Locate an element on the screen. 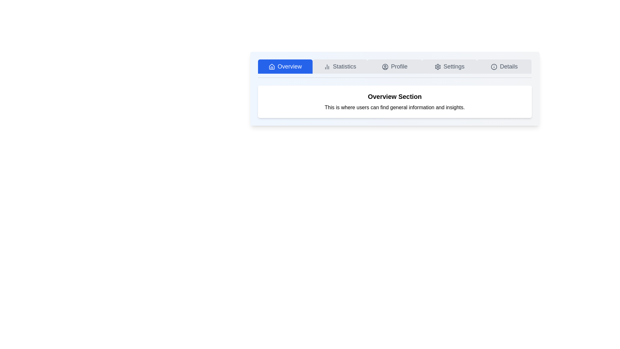  the settings icon located on the rightmost side of the top navigation bar, adjacent to the label is located at coordinates (438, 67).